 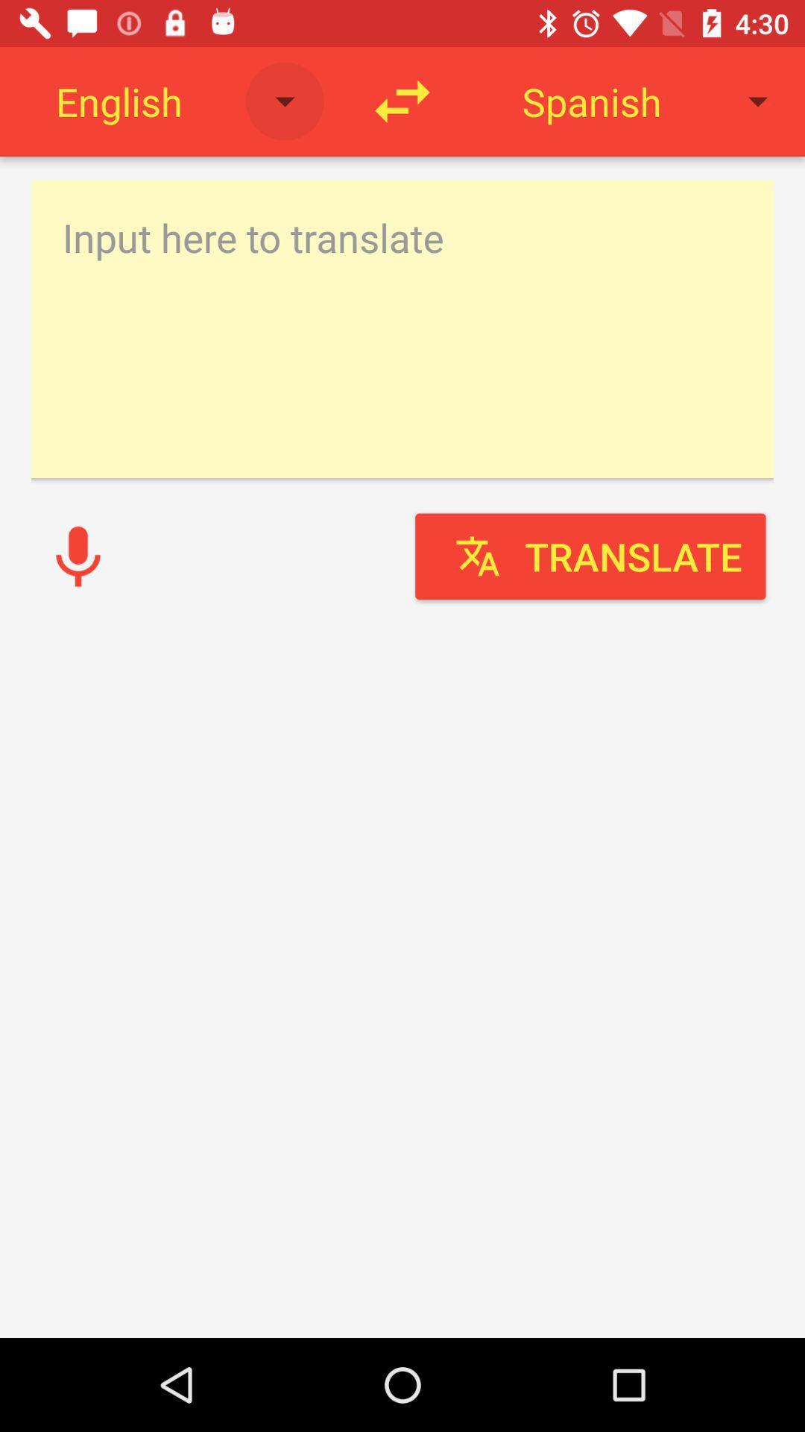 What do you see at coordinates (78, 556) in the screenshot?
I see `use microphone` at bounding box center [78, 556].